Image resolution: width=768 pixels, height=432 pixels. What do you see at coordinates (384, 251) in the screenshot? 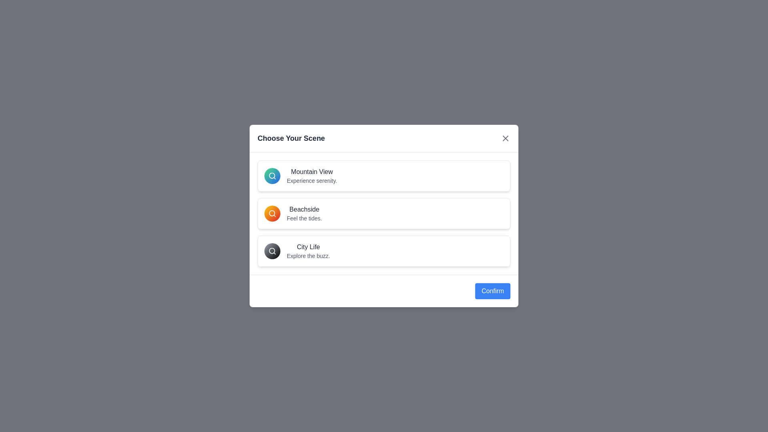
I see `the item City Life from the list` at bounding box center [384, 251].